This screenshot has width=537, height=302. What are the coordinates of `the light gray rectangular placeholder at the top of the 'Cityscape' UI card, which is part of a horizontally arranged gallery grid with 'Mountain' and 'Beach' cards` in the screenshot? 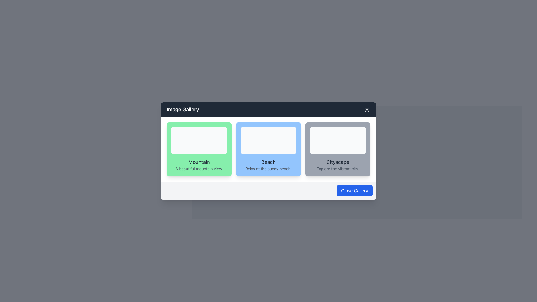 It's located at (338, 140).